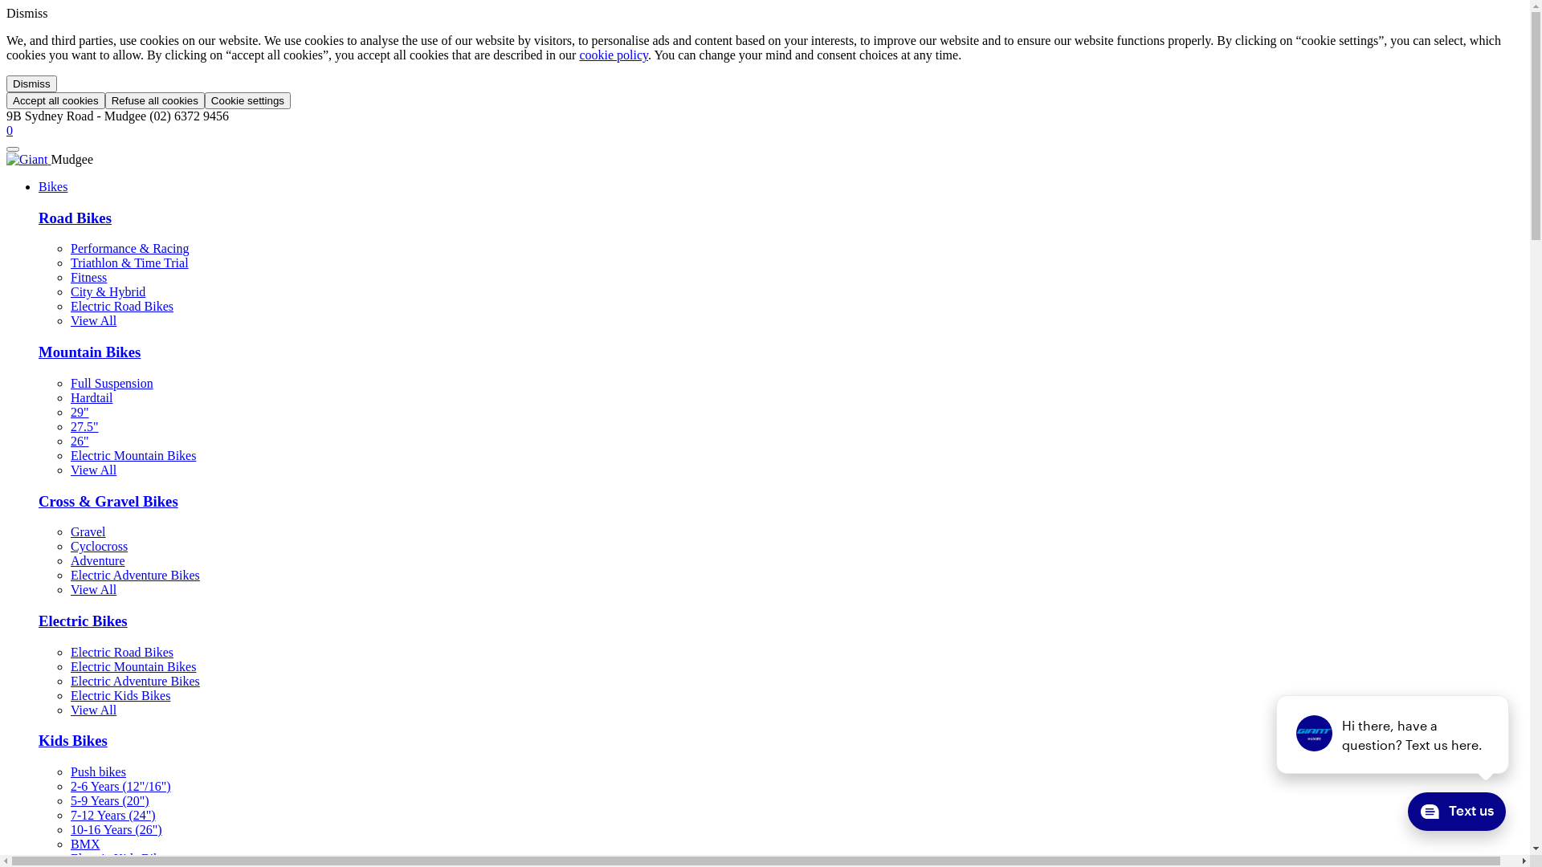  I want to click on 'View All', so click(92, 320).